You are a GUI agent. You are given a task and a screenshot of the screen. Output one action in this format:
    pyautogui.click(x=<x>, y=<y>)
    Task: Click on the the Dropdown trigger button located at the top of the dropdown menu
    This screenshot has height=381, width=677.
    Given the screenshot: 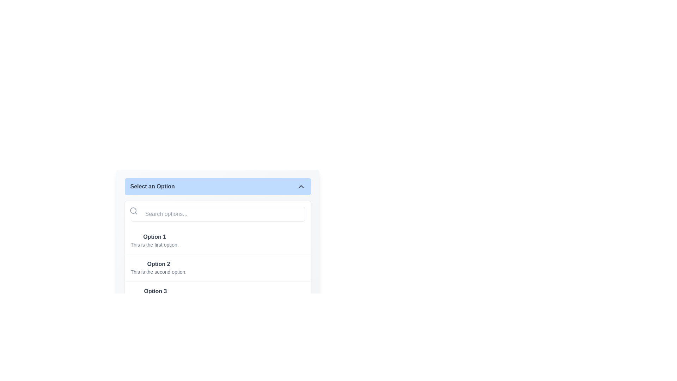 What is the action you would take?
    pyautogui.click(x=217, y=186)
    